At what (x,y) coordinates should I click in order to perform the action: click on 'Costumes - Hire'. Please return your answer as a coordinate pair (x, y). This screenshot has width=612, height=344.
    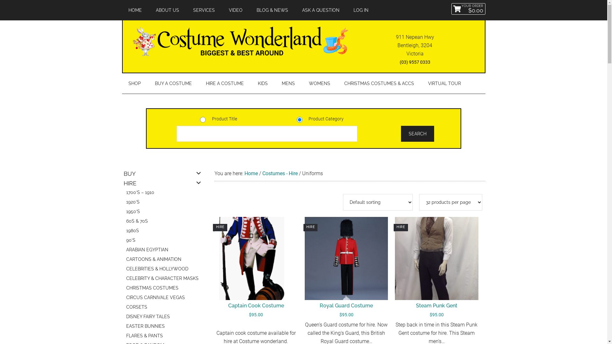
    Looking at the image, I should click on (280, 173).